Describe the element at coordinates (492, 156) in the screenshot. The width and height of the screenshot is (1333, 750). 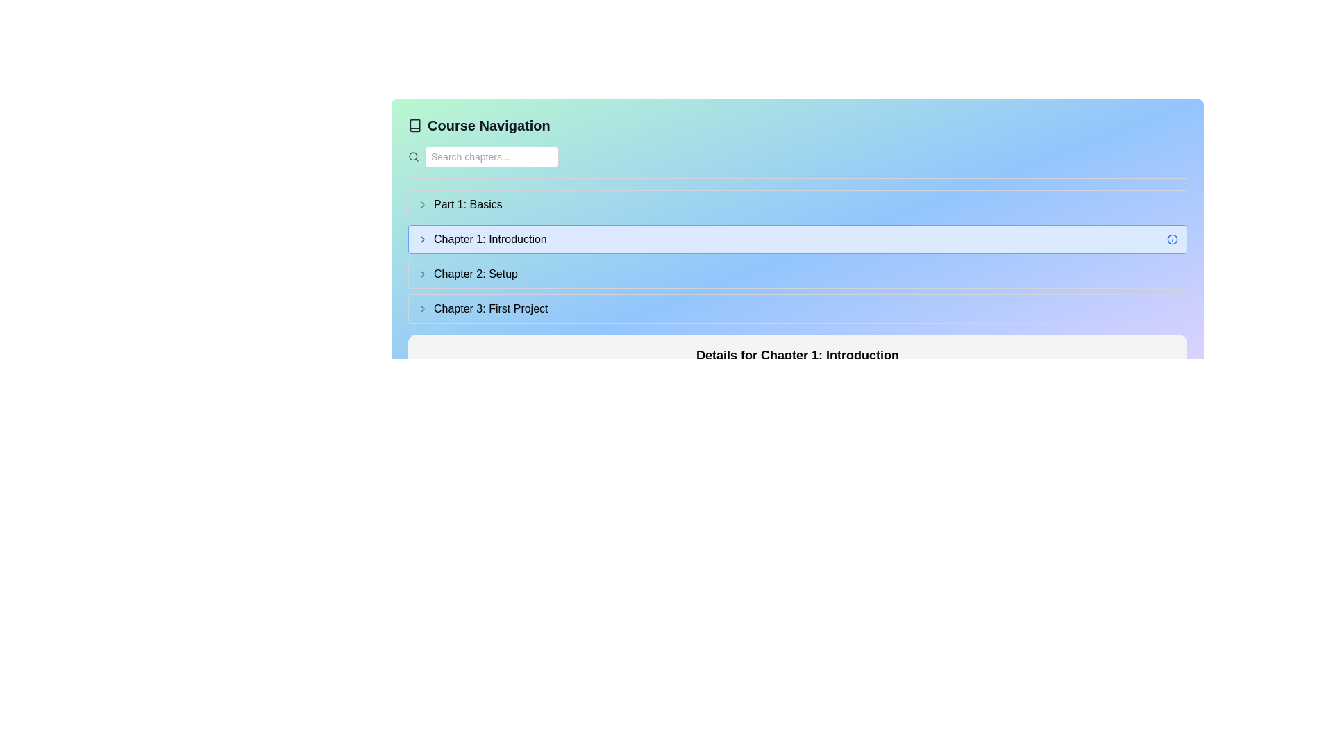
I see `the search input box with a light gray border and placeholder text 'Search chapters...' to focus the cursor` at that location.